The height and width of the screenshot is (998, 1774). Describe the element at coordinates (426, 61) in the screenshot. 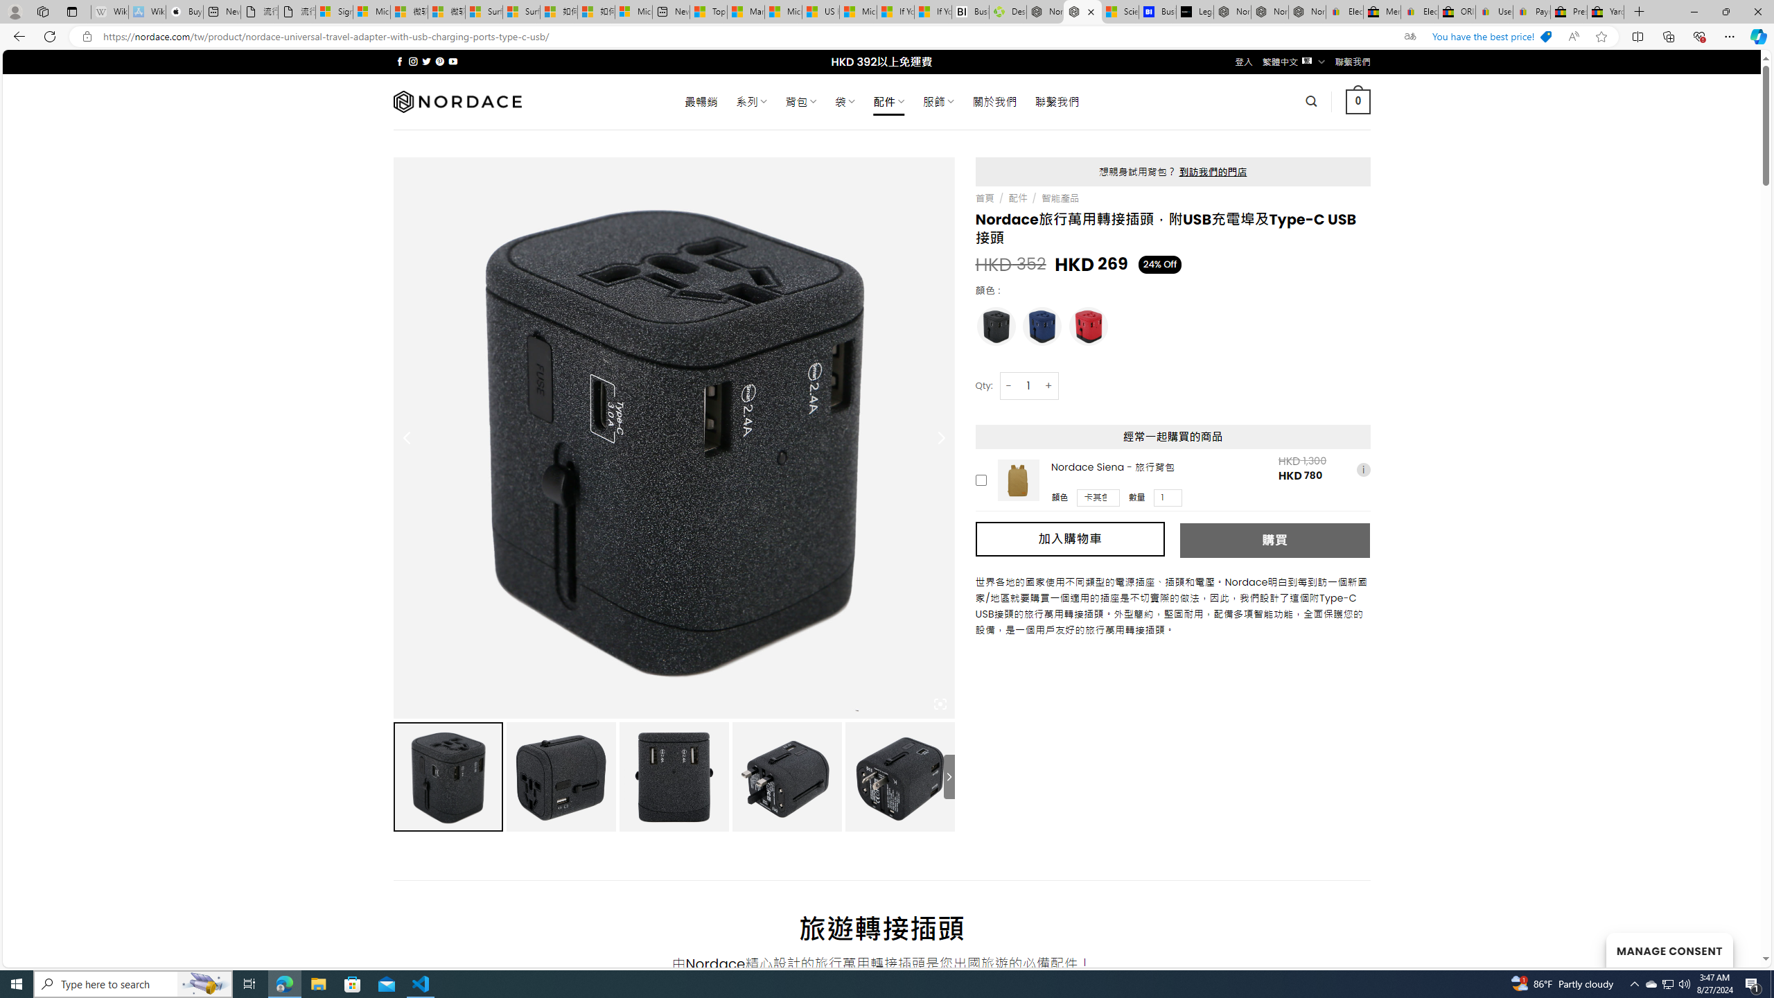

I see `'Follow on Twitter'` at that location.